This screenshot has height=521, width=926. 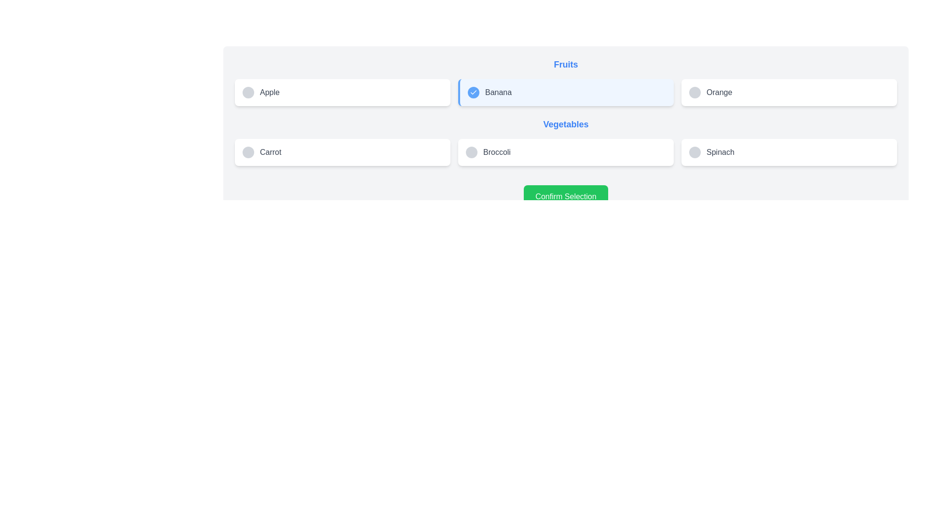 I want to click on the static text label reading 'Carrot' that is styled with a gray color and medium-weight font, located in the second column of the second row within the grid layout, under the 'Vegetables' category, so click(x=270, y=152).